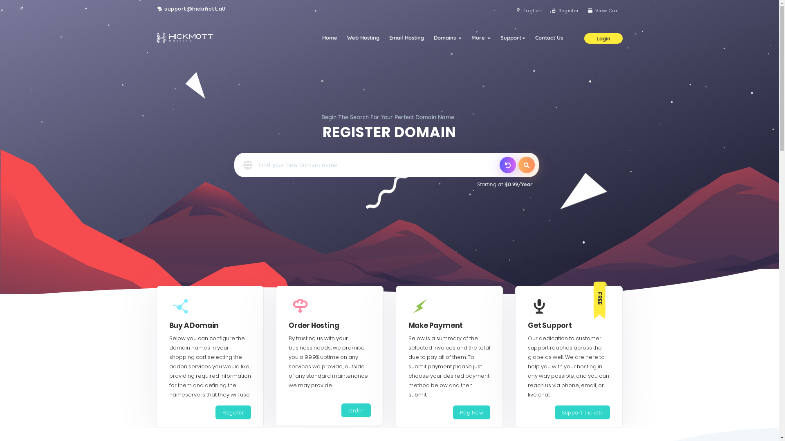 The image size is (785, 441). What do you see at coordinates (362, 38) in the screenshot?
I see `'Web Hosting'` at bounding box center [362, 38].